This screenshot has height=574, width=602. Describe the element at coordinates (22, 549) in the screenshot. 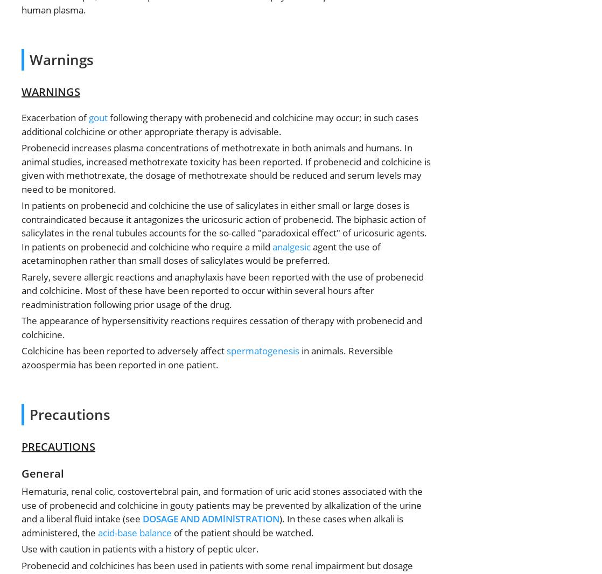

I see `'Use with caution in patients with a history of peptic ulcer.'` at that location.